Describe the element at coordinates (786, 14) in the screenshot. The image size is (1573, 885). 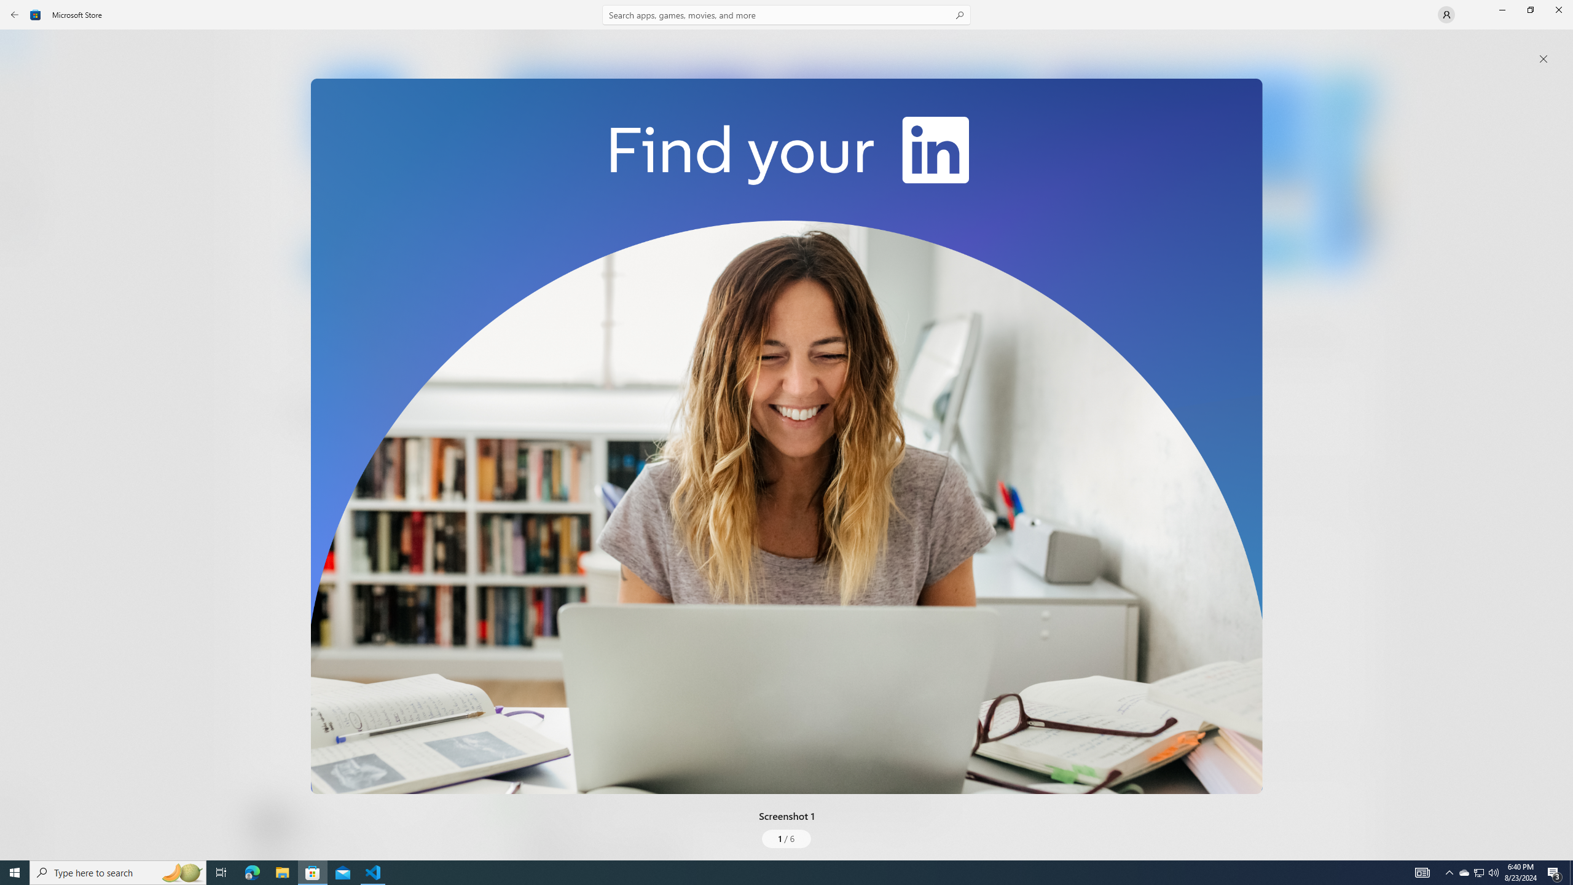
I see `'Search'` at that location.